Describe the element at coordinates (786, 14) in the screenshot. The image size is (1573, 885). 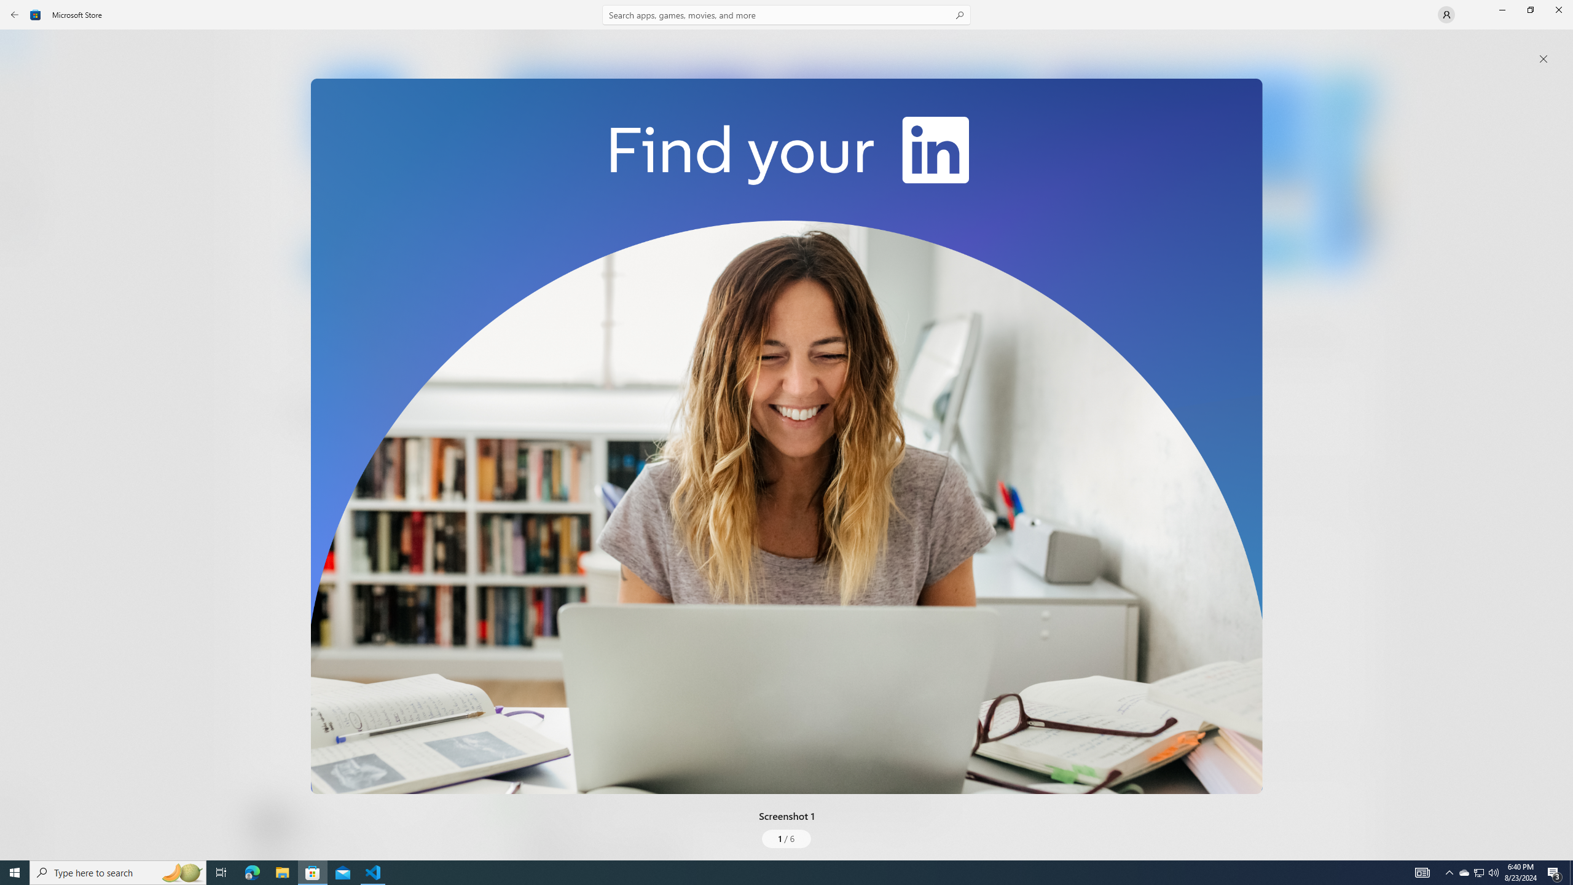
I see `'Search'` at that location.